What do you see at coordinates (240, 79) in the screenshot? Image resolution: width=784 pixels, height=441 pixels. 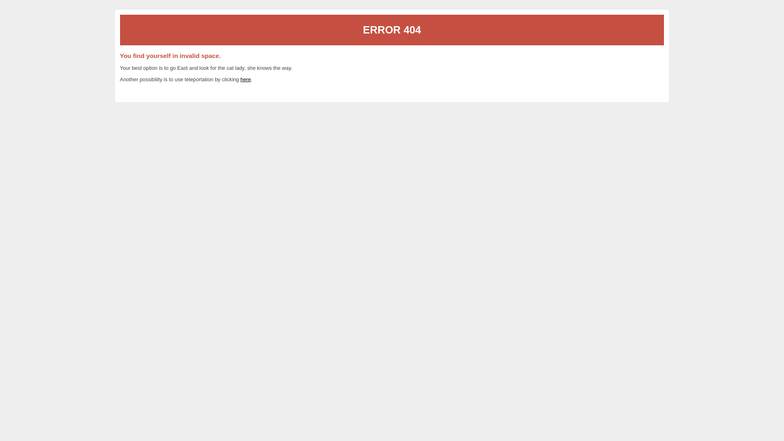 I see `'here'` at bounding box center [240, 79].